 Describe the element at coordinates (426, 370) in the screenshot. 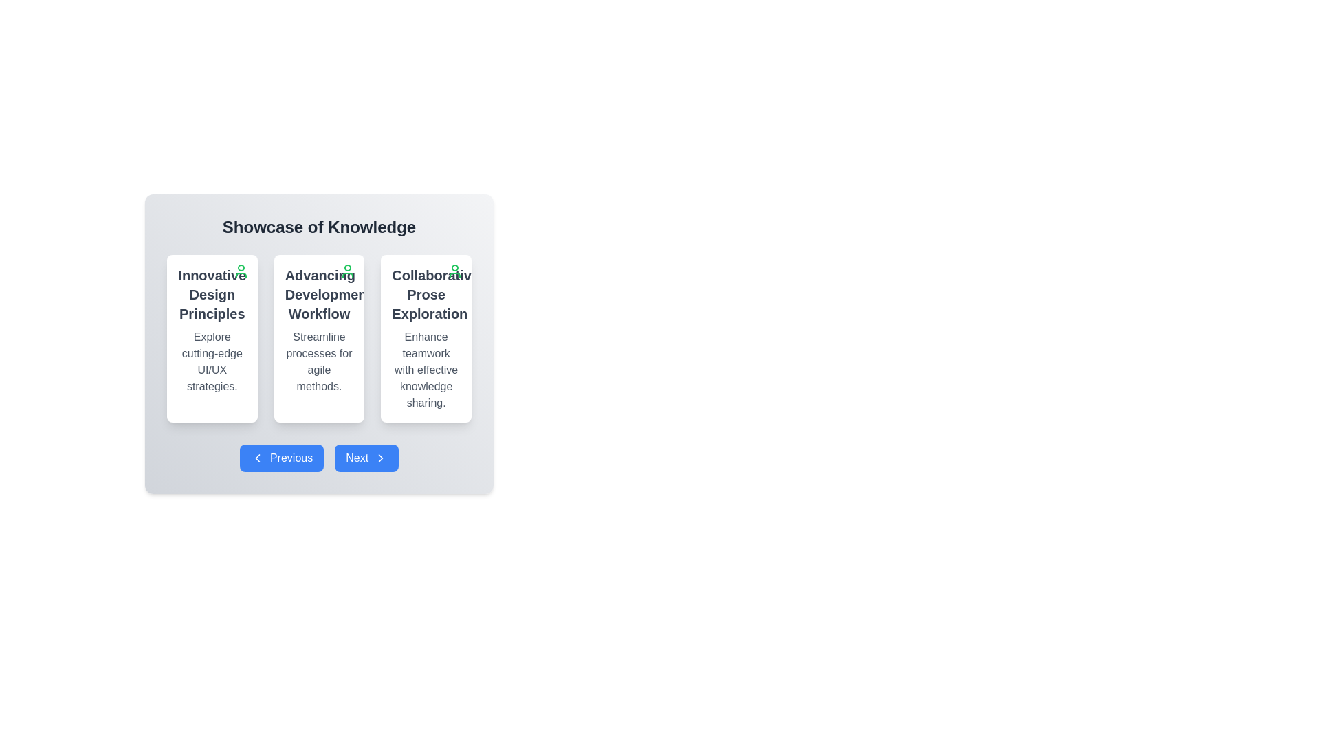

I see `descriptive text element located below the title 'Collaborative Prose Exploration' in the third card of a horizontal row of three cards` at that location.